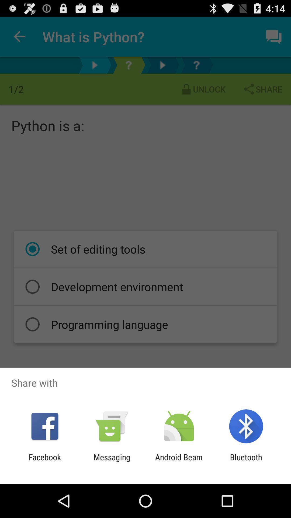 This screenshot has width=291, height=518. What do you see at coordinates (179, 462) in the screenshot?
I see `the android beam icon` at bounding box center [179, 462].